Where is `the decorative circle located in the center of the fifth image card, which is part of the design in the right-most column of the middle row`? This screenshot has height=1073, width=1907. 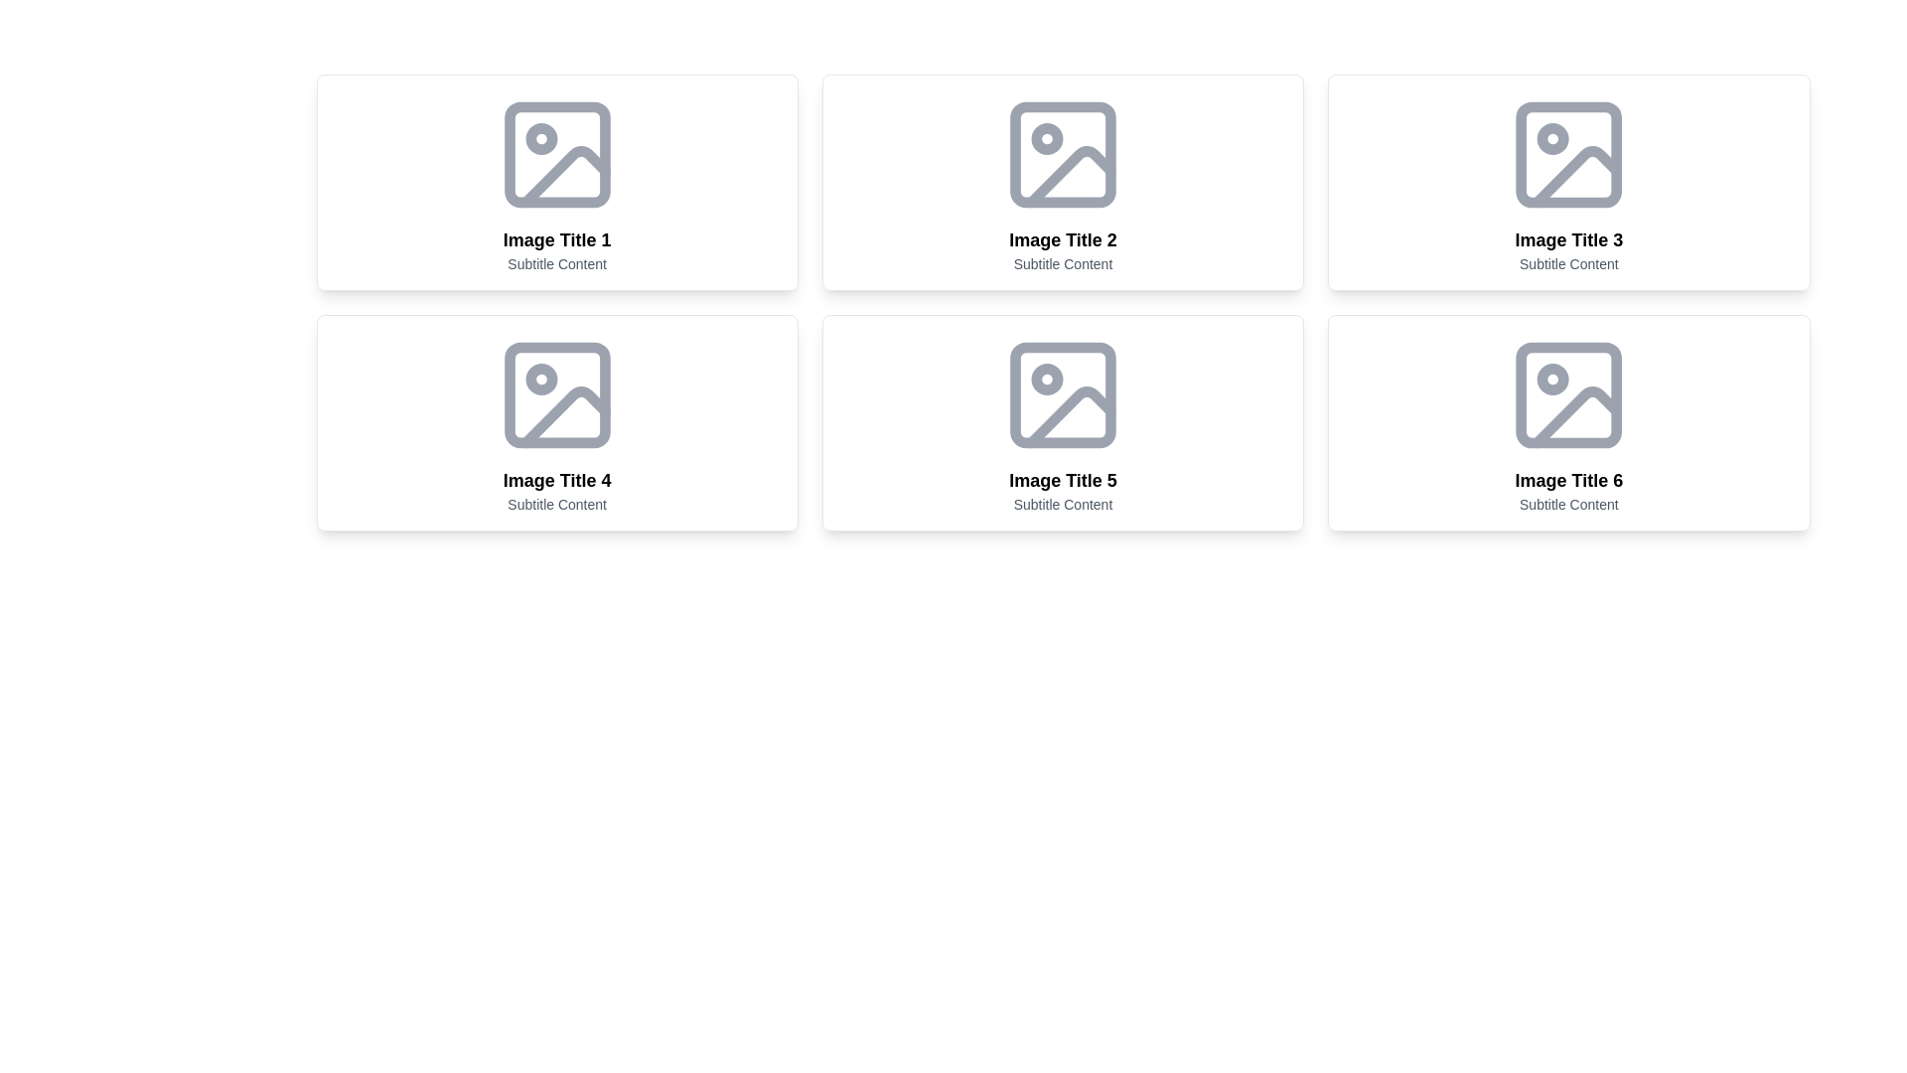 the decorative circle located in the center of the fifth image card, which is part of the design in the right-most column of the middle row is located at coordinates (1046, 379).